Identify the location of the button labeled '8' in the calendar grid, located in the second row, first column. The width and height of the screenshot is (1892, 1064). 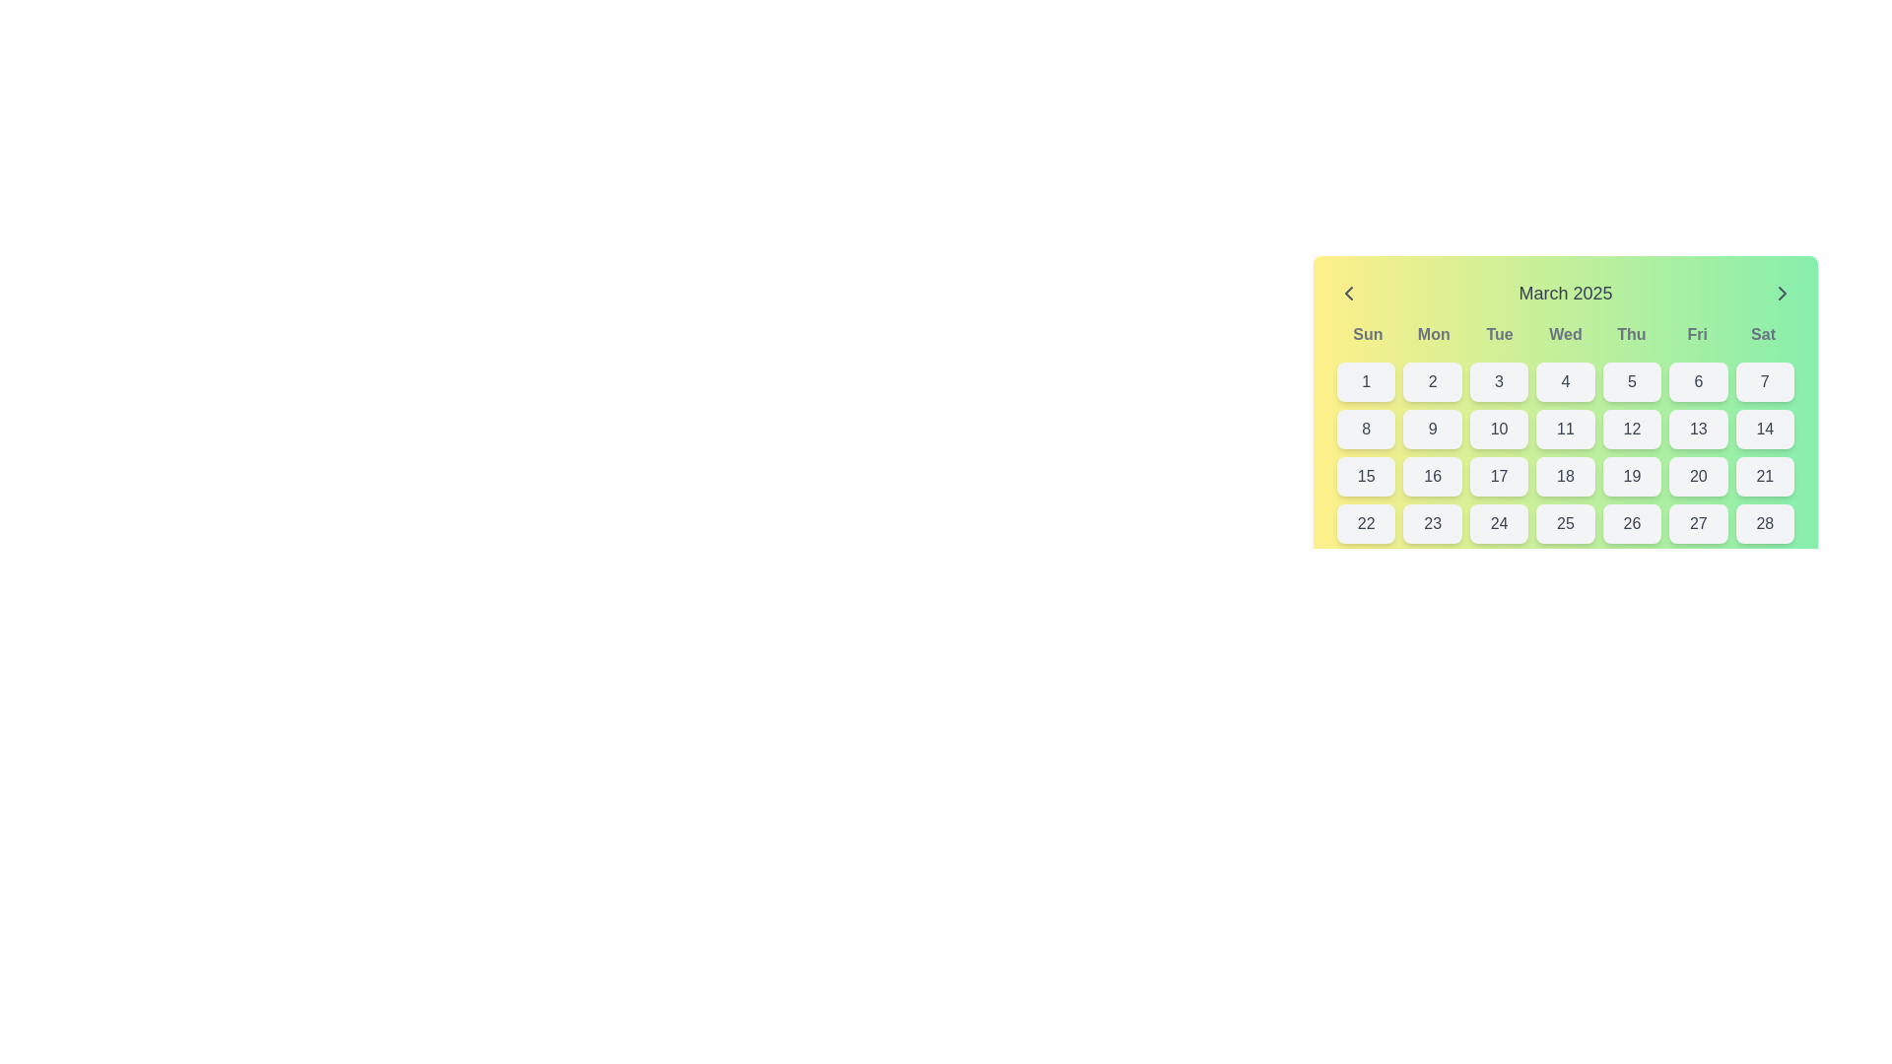
(1365, 428).